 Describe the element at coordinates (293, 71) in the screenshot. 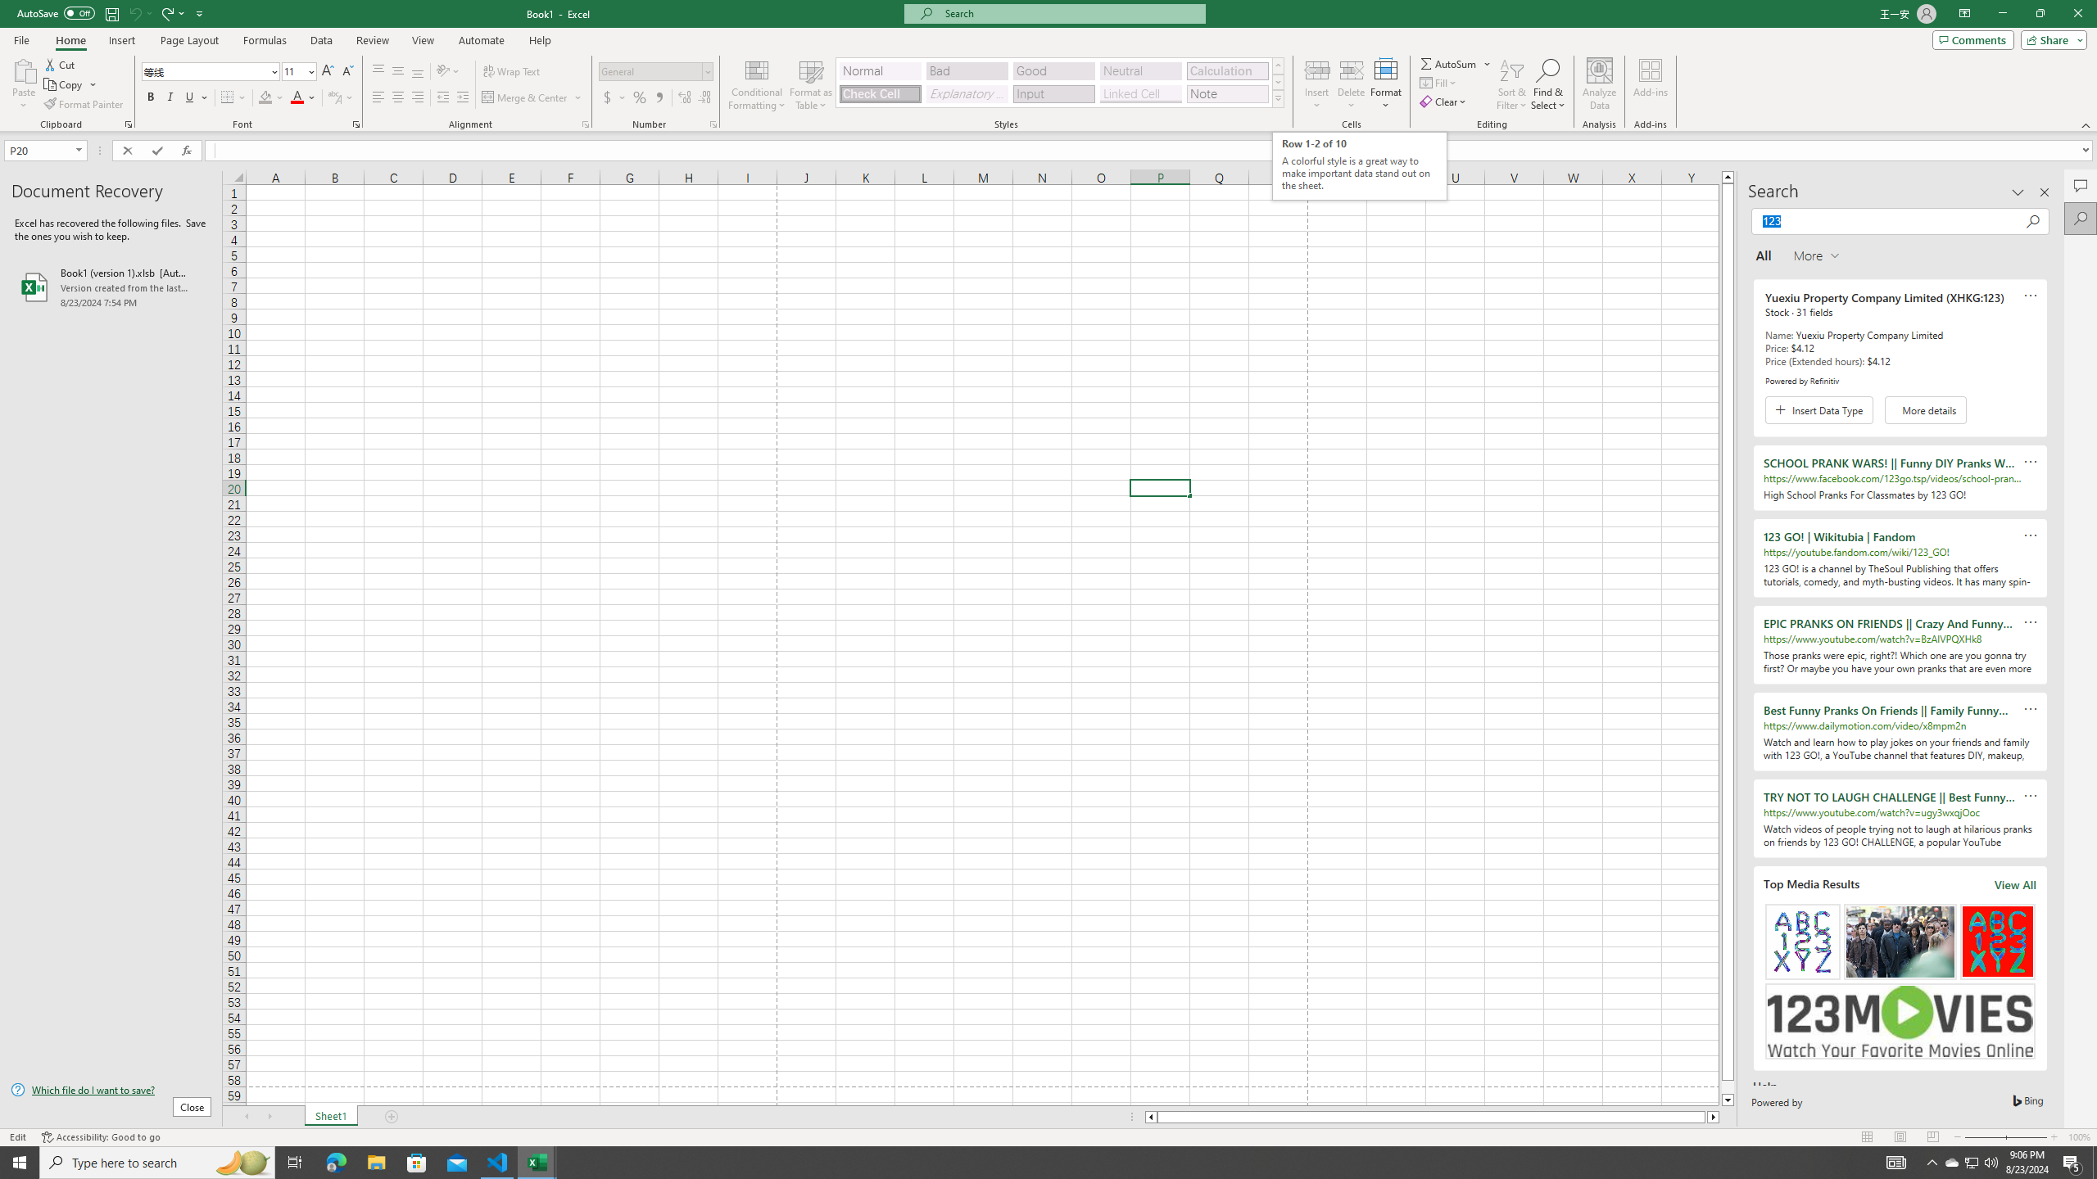

I see `'Font Size'` at that location.